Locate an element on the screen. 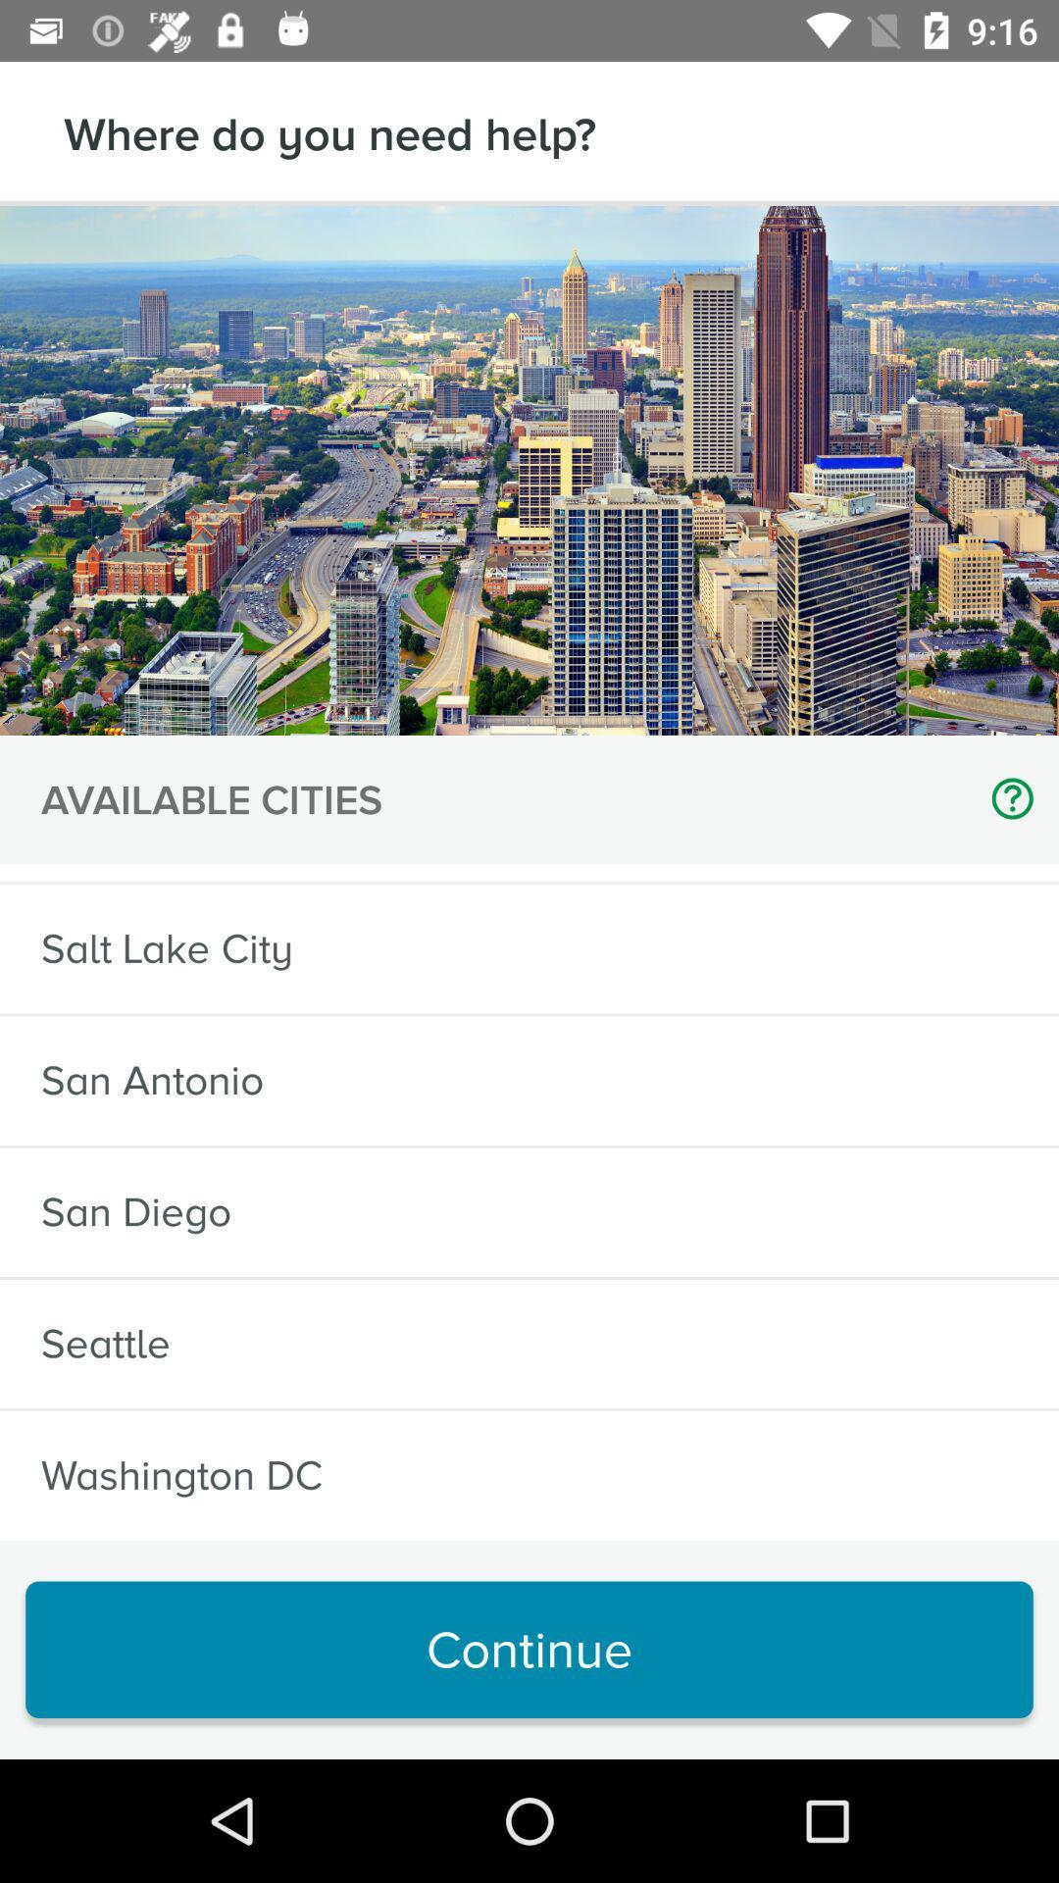 Image resolution: width=1059 pixels, height=1883 pixels. item below sf bay area item is located at coordinates (166, 948).